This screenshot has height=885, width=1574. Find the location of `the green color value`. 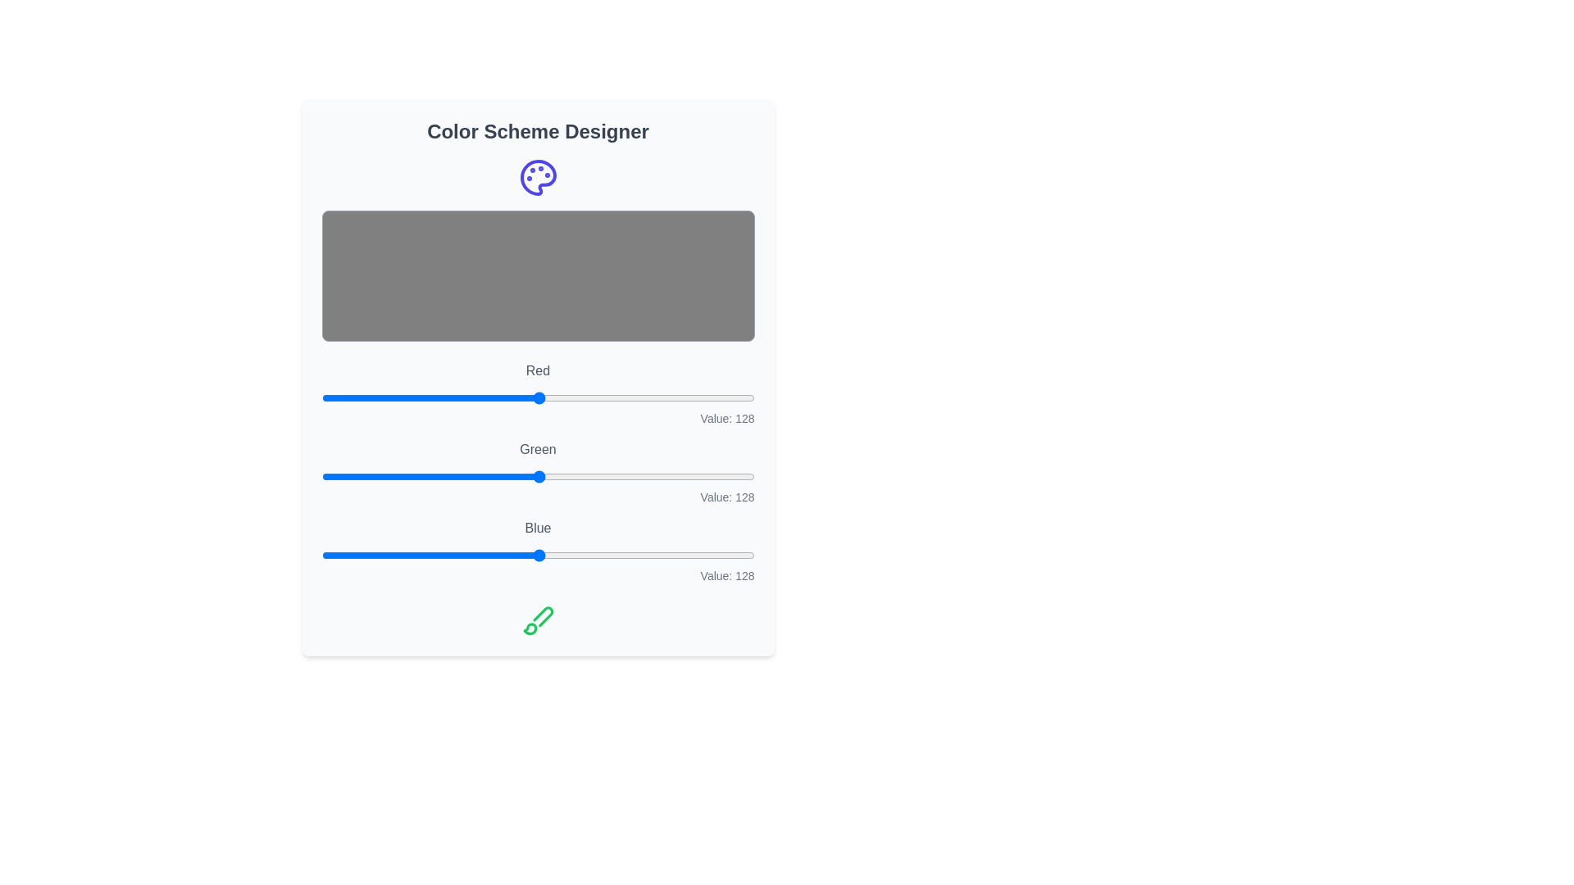

the green color value is located at coordinates (567, 477).